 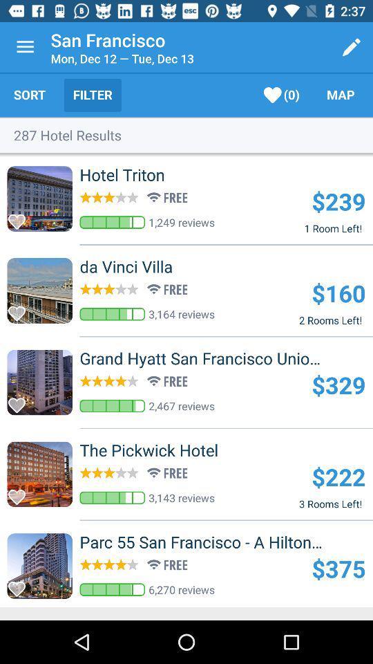 What do you see at coordinates (20, 584) in the screenshot?
I see `to favorites` at bounding box center [20, 584].